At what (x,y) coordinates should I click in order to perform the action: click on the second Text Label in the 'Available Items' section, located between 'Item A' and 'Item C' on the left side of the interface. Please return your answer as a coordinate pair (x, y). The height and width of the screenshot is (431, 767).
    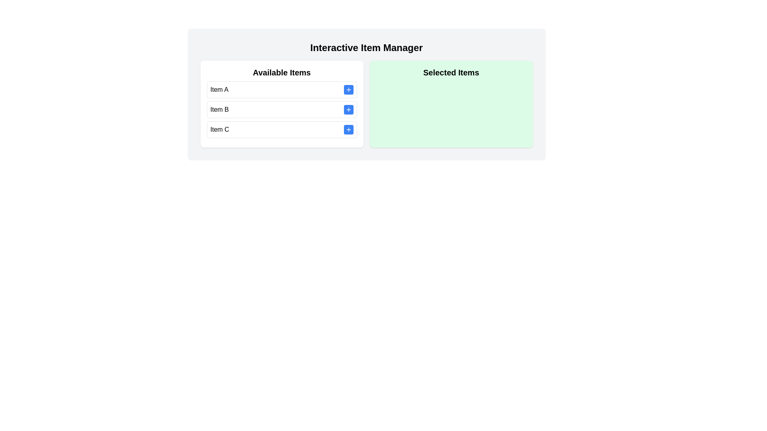
    Looking at the image, I should click on (219, 109).